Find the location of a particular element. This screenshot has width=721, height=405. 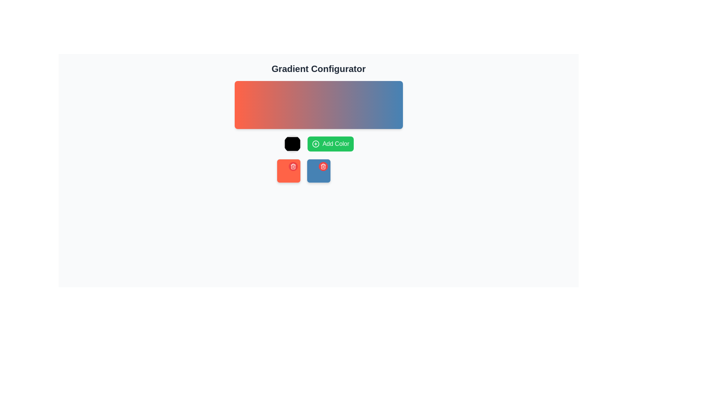

the Text element that labels the section, positioned at the top and horizontally centered above other content is located at coordinates (318, 69).